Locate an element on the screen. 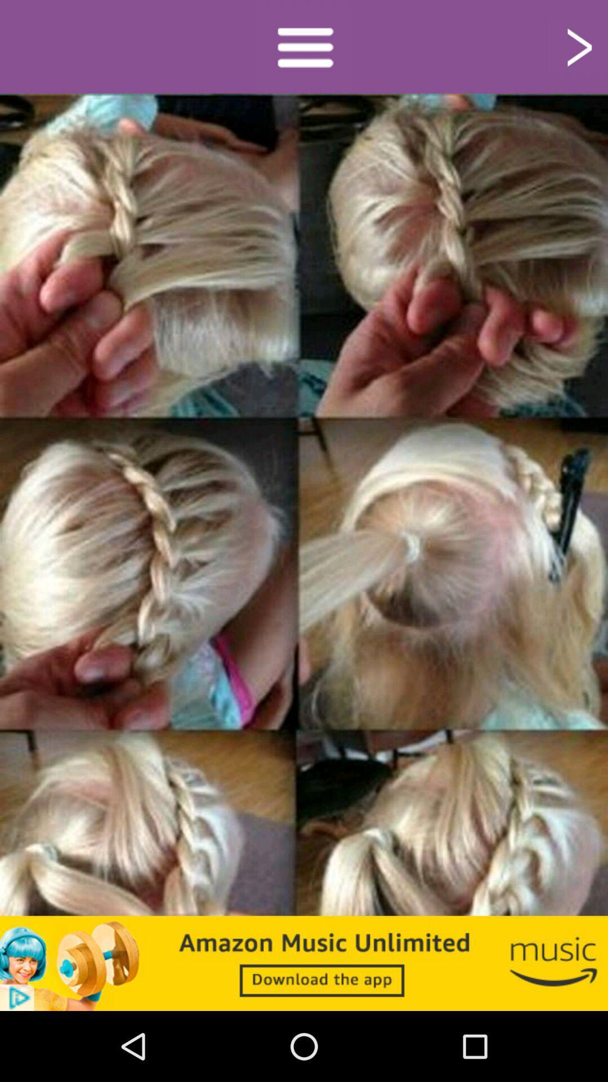 This screenshot has height=1082, width=608. options drop down is located at coordinates (304, 46).